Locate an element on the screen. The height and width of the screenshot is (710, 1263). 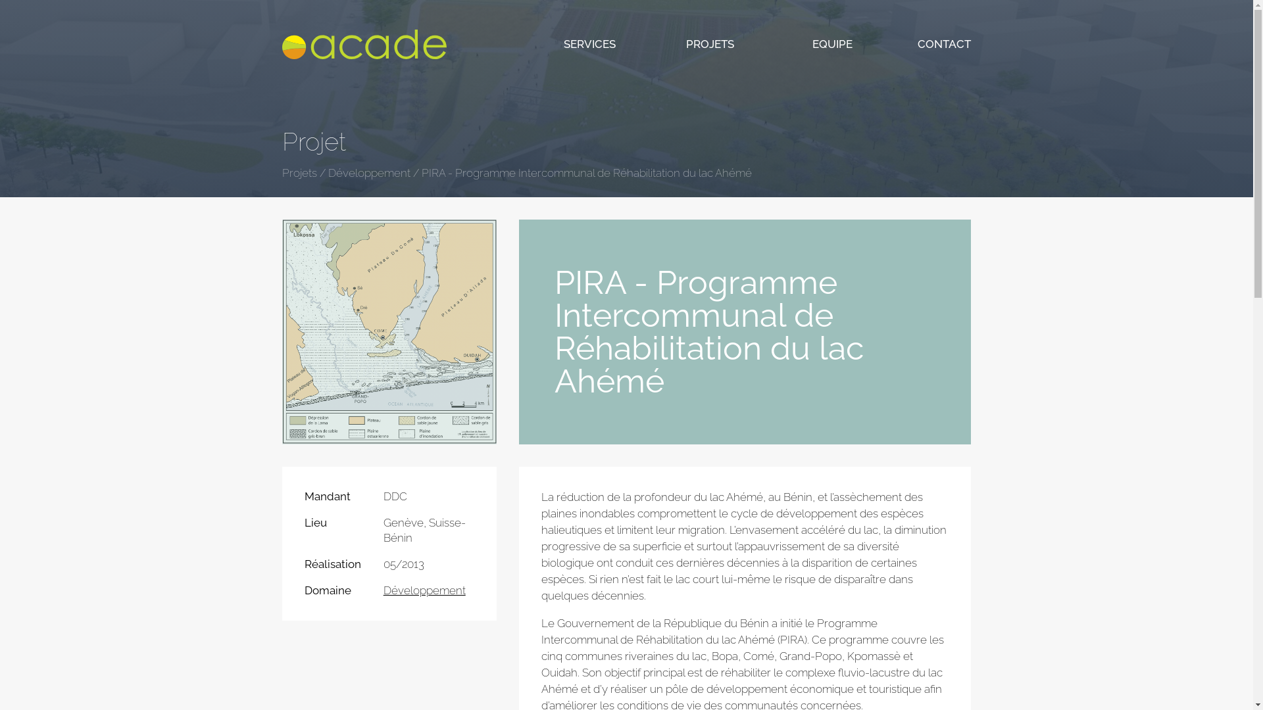
'EQUIPE' is located at coordinates (831, 43).